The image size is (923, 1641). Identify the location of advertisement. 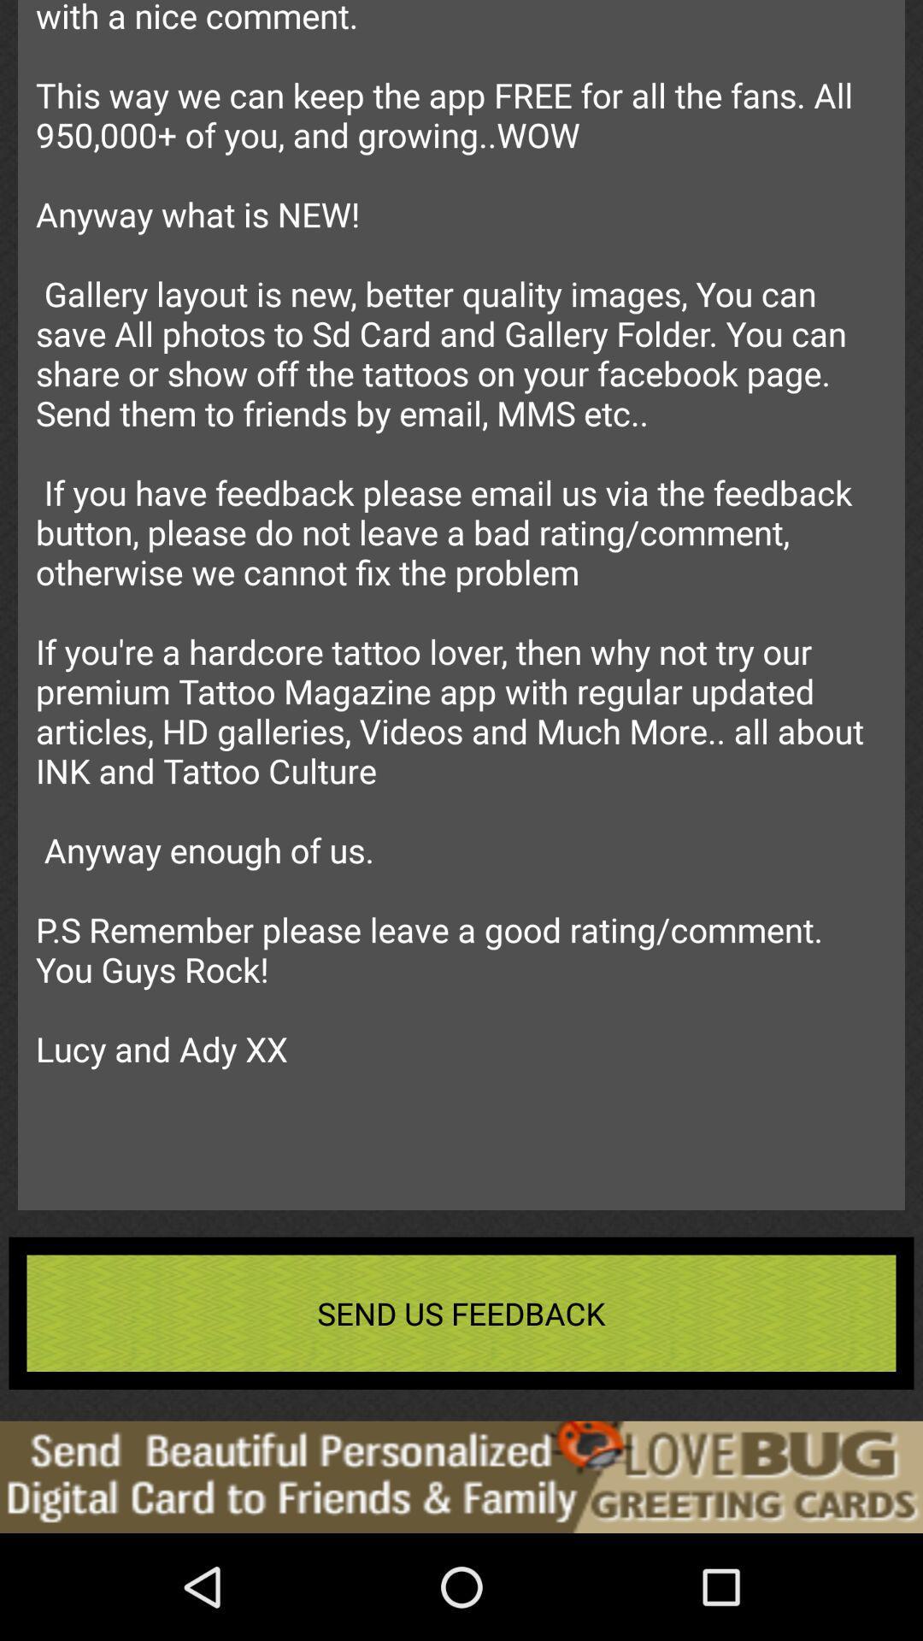
(461, 1476).